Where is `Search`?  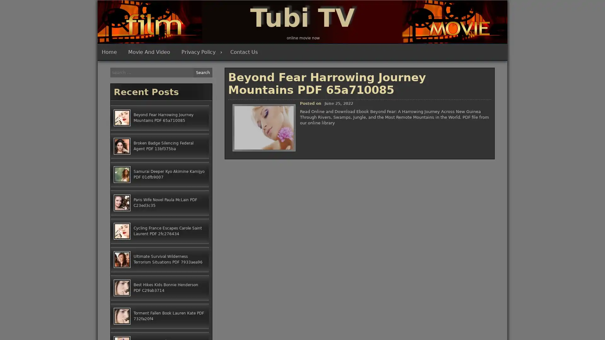 Search is located at coordinates (203, 72).